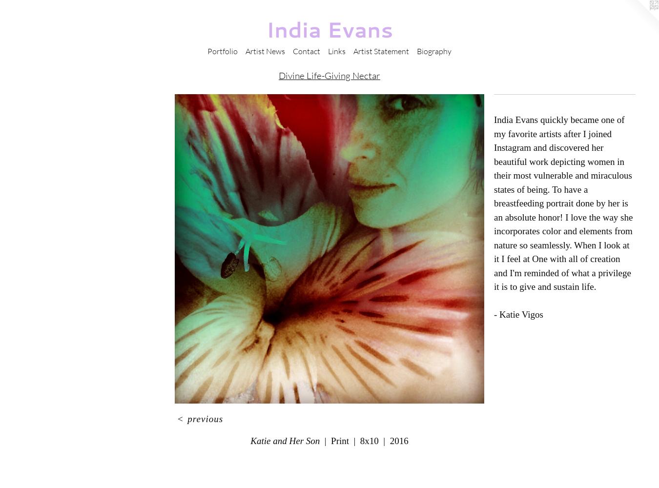 The width and height of the screenshot is (659, 488). I want to click on 'Katie and Her Son', so click(285, 440).